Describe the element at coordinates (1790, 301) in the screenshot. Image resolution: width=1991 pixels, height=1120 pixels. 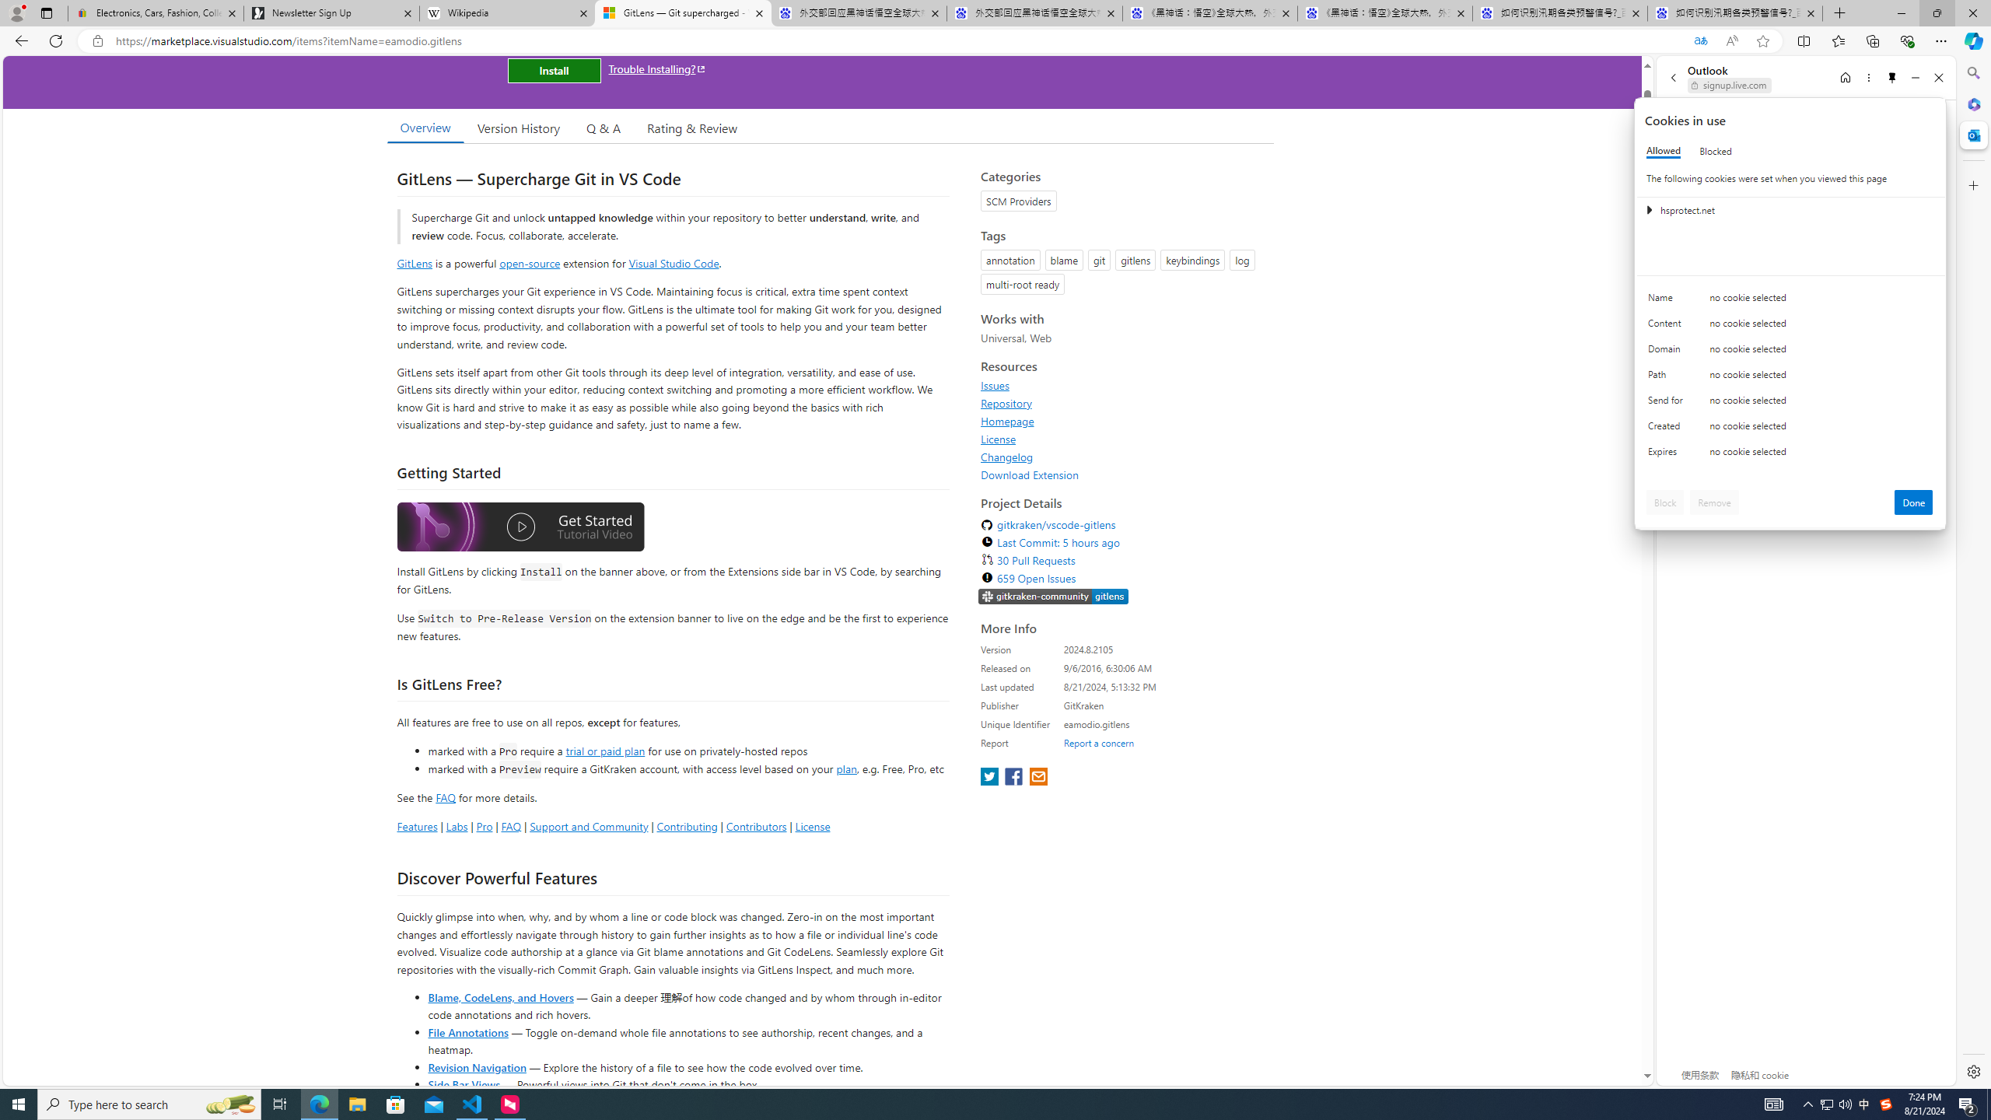
I see `'Class: c0153 c0157 c0154'` at that location.